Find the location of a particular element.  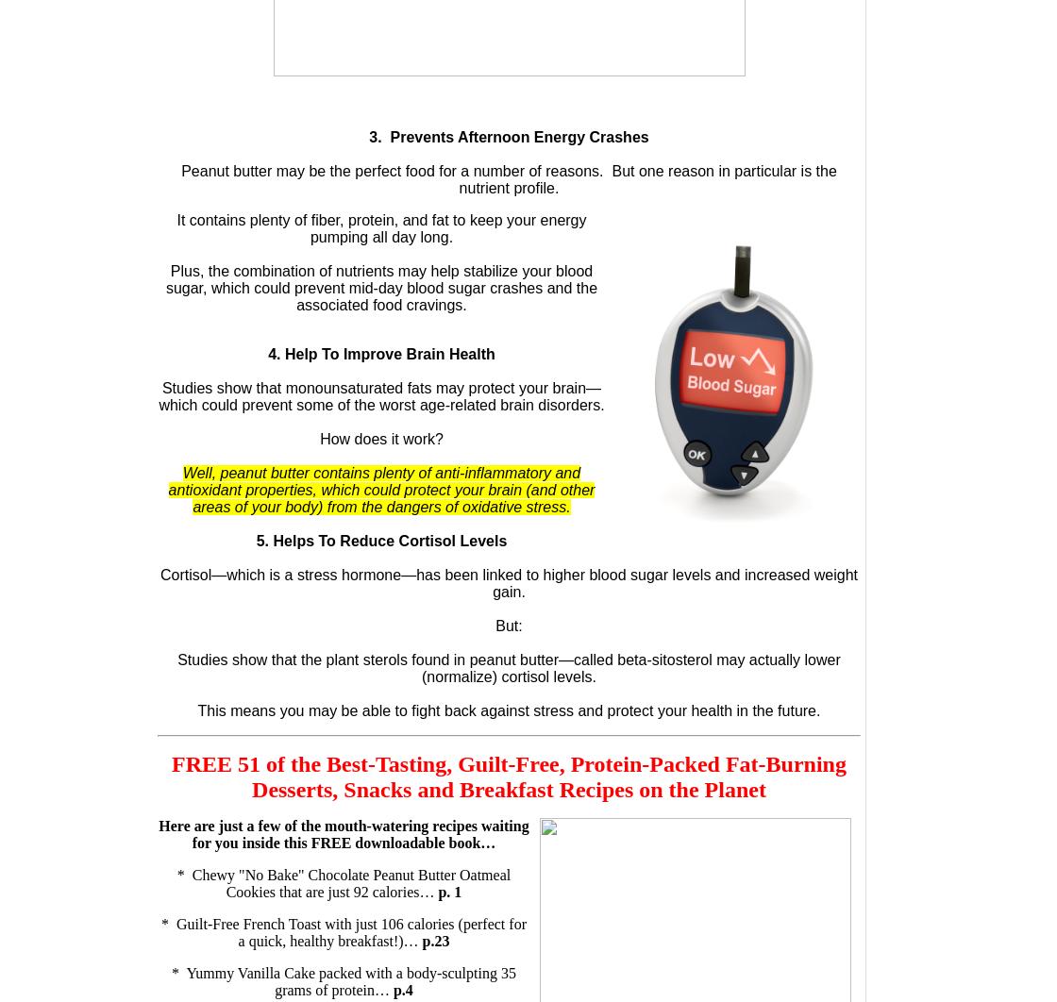

'Studies show that the plant sterols found in peanut butter—called beta-sitosterol may actually lower (normalize) cortisol levels.' is located at coordinates (508, 668).